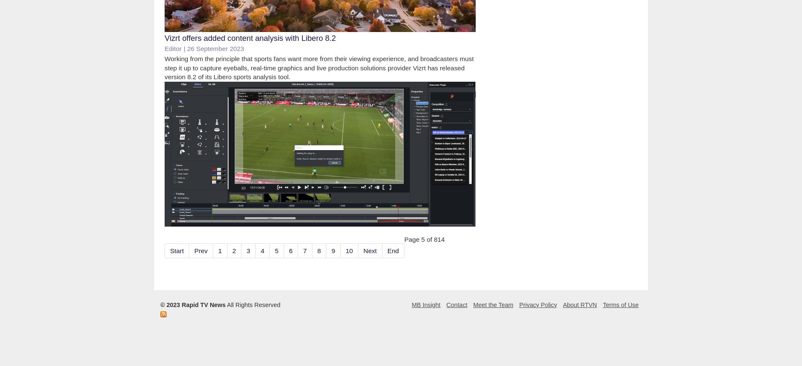  Describe the element at coordinates (579, 305) in the screenshot. I see `'About RTVN'` at that location.